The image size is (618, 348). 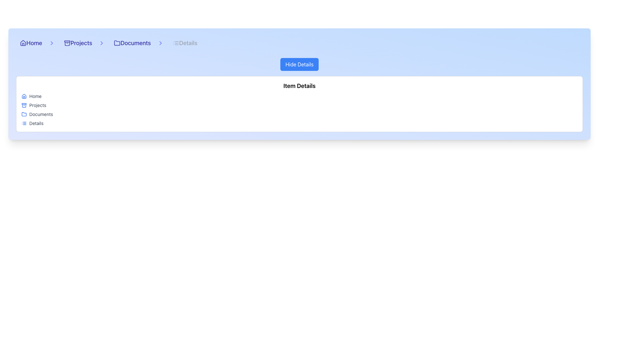 I want to click on the button located at the top center of the interface that toggles the visibility of additional information, to observe its hover effects, so click(x=299, y=64).